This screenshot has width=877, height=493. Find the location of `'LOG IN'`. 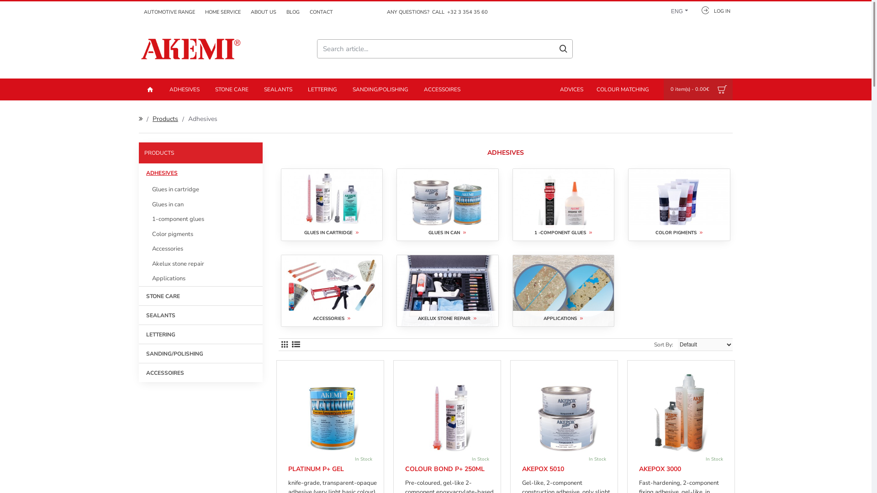

'LOG IN' is located at coordinates (692, 10).